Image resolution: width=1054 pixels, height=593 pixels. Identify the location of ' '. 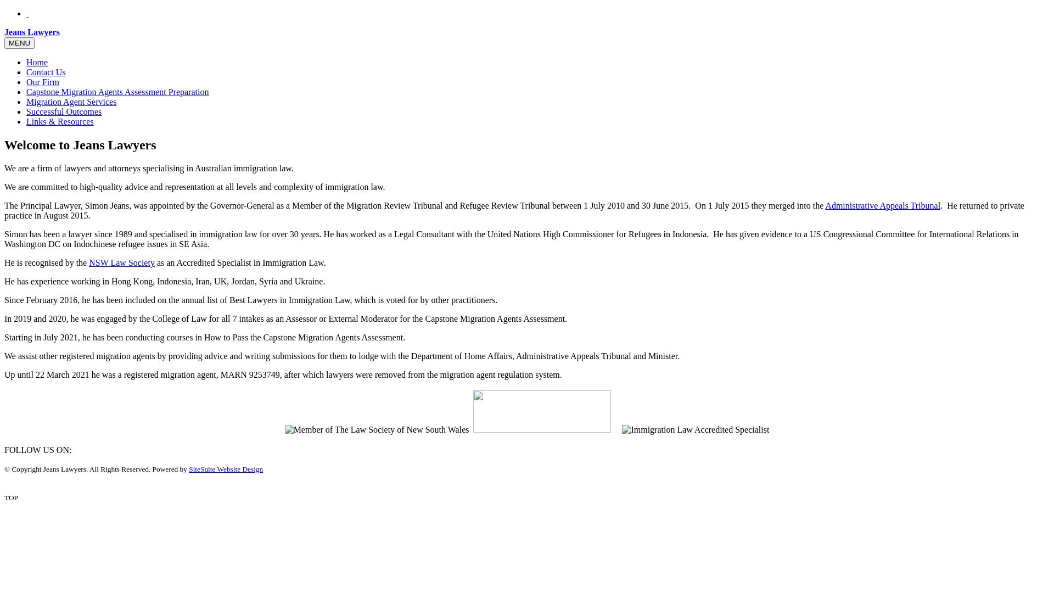
(27, 13).